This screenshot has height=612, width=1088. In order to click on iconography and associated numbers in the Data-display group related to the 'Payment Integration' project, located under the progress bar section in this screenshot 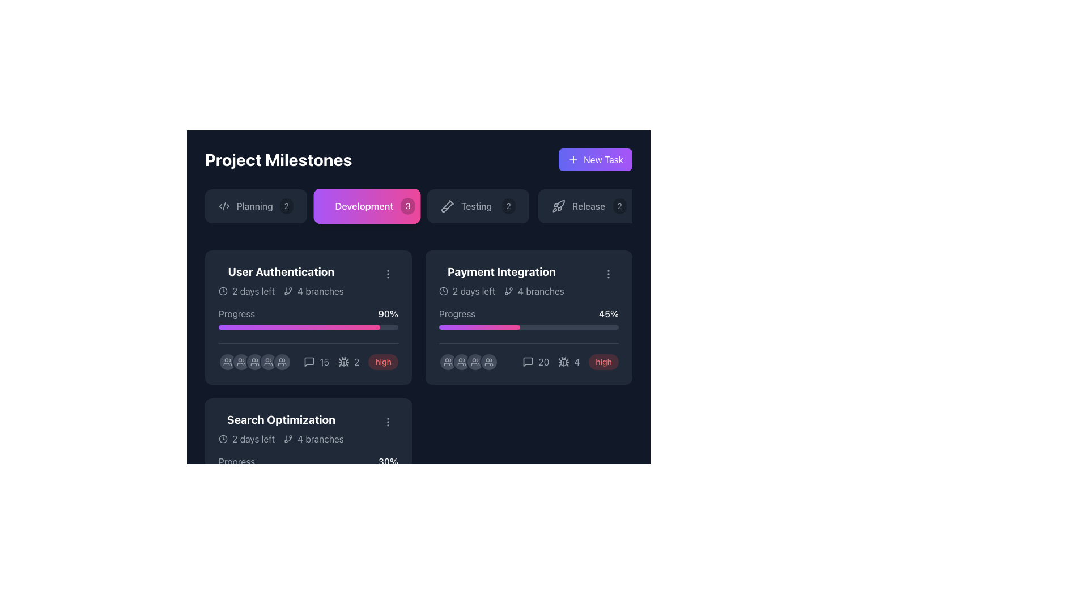, I will do `click(528, 357)`.